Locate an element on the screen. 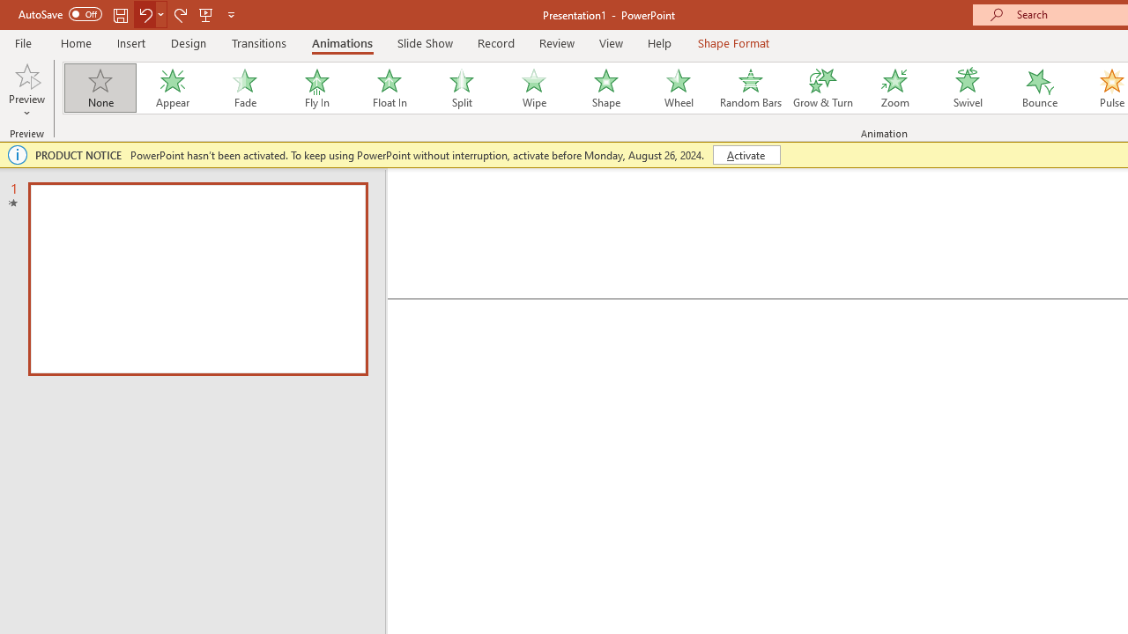  'Shape' is located at coordinates (606, 88).